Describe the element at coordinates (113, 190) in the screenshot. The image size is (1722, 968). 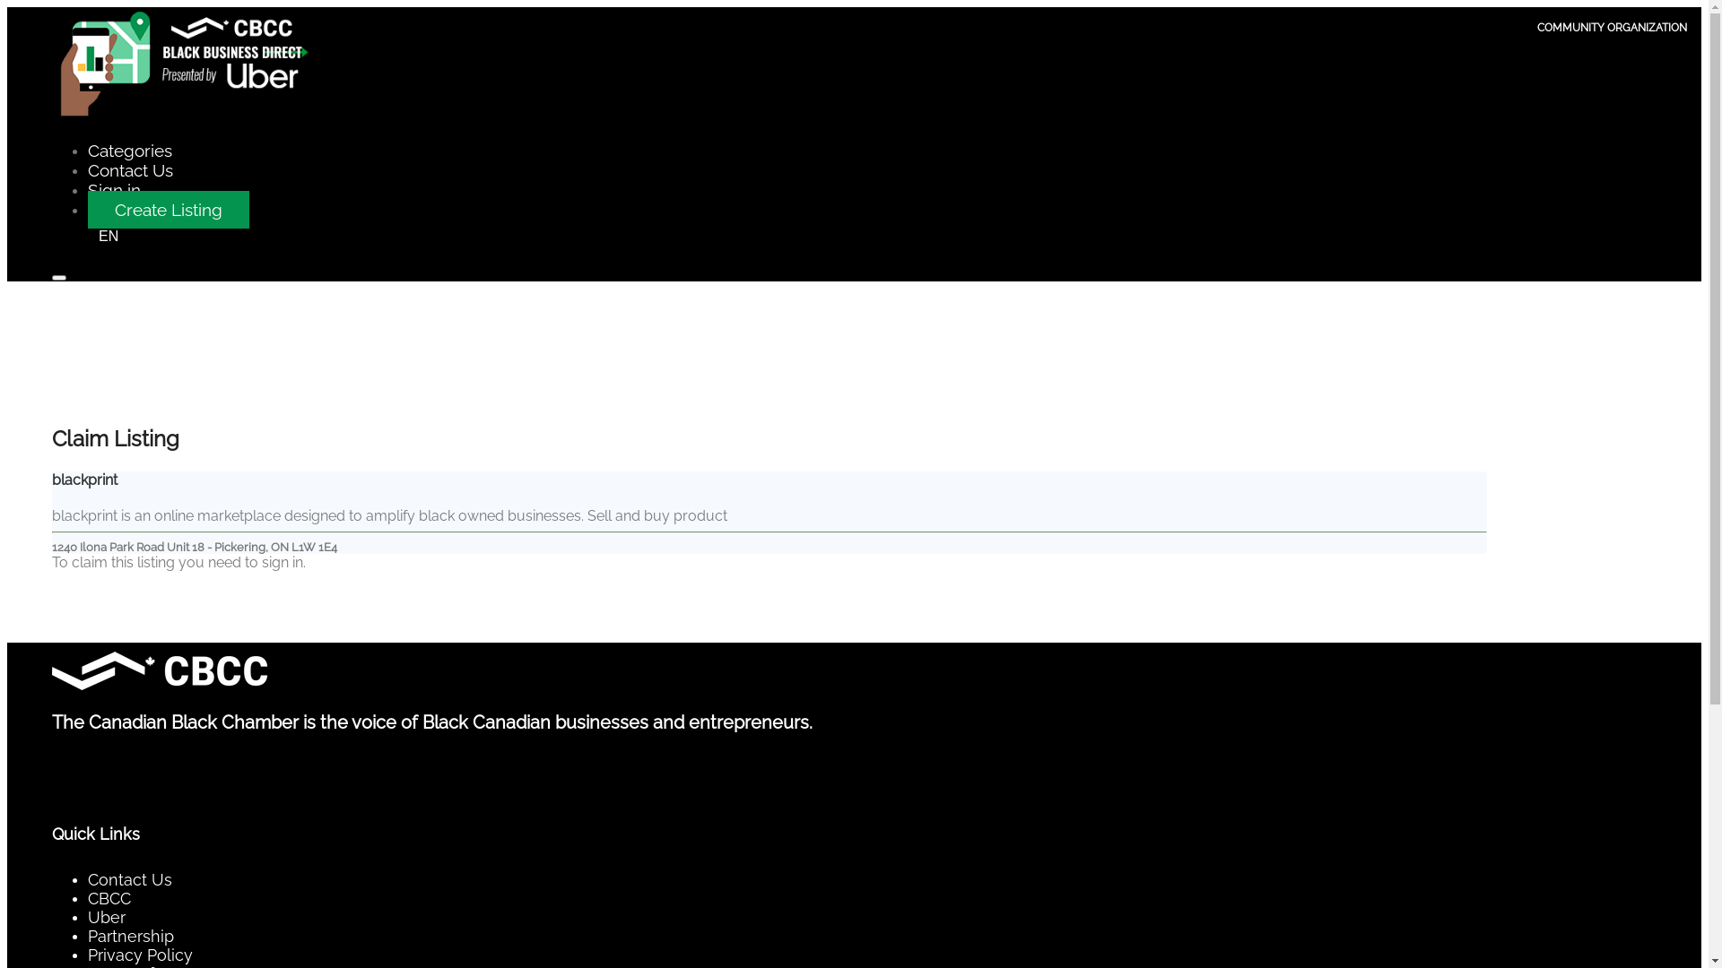
I see `'Sign in'` at that location.